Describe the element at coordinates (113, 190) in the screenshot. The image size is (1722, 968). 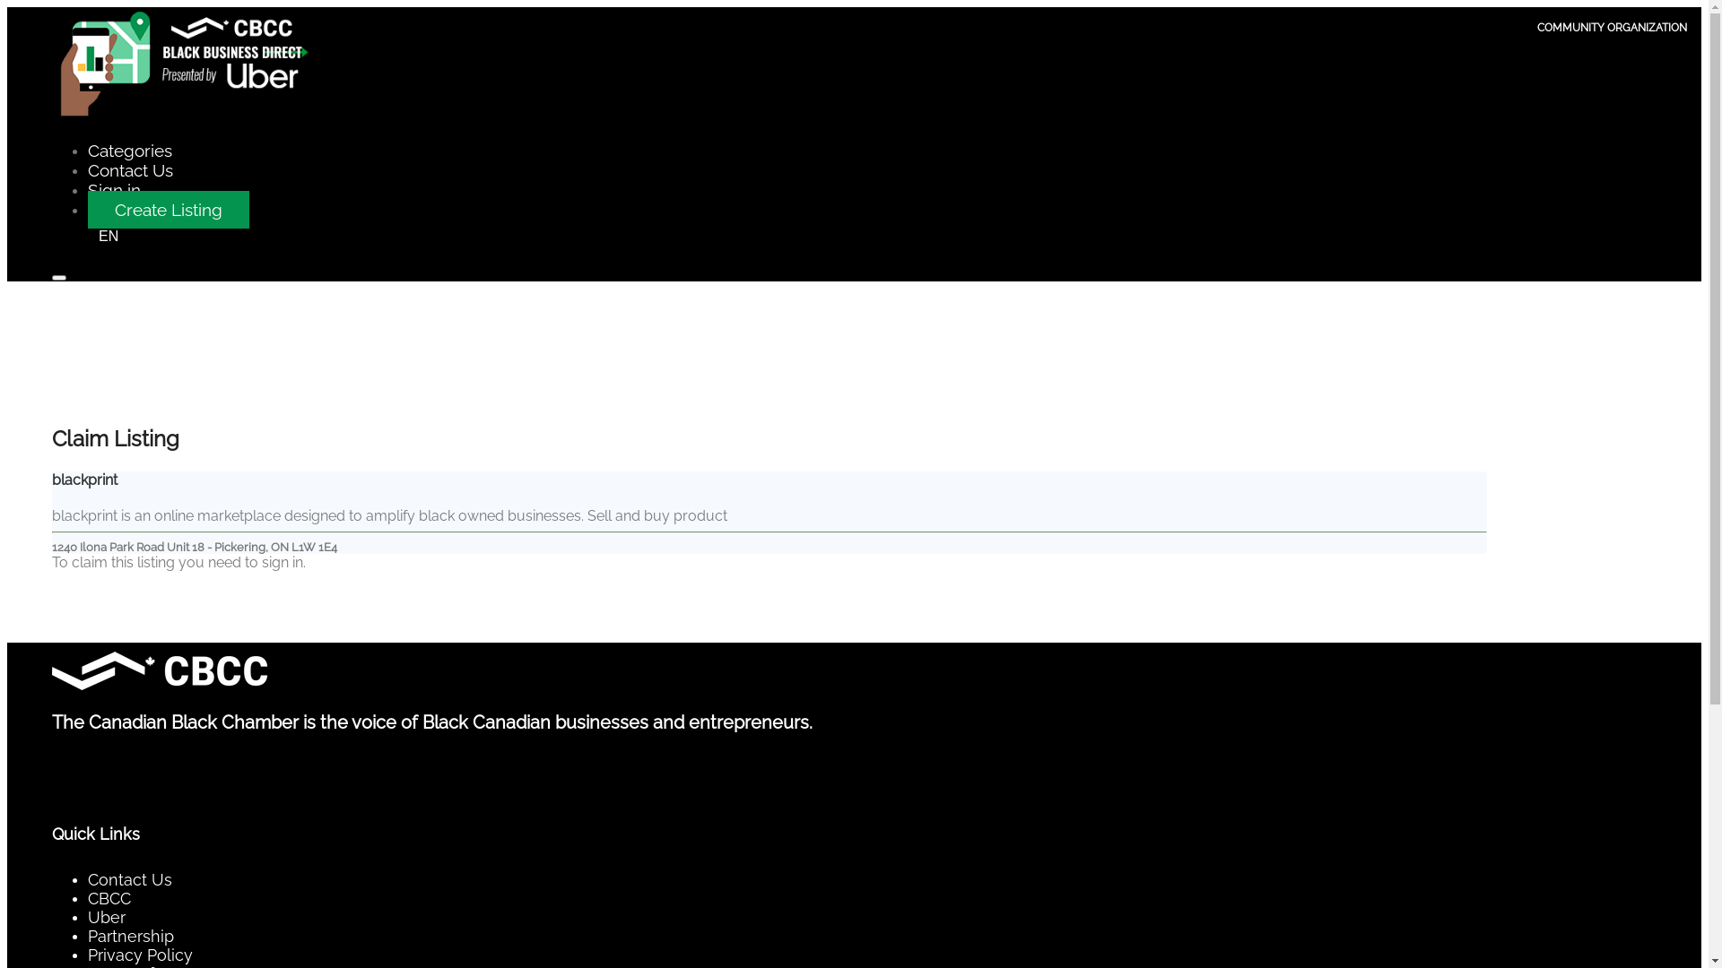
I see `'Sign in'` at that location.